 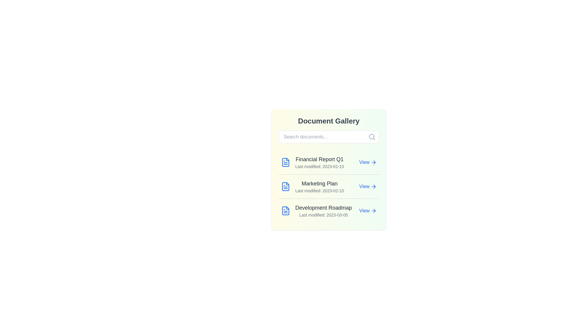 What do you see at coordinates (367, 186) in the screenshot?
I see `the 'View' button of the document titled Marketing Plan` at bounding box center [367, 186].